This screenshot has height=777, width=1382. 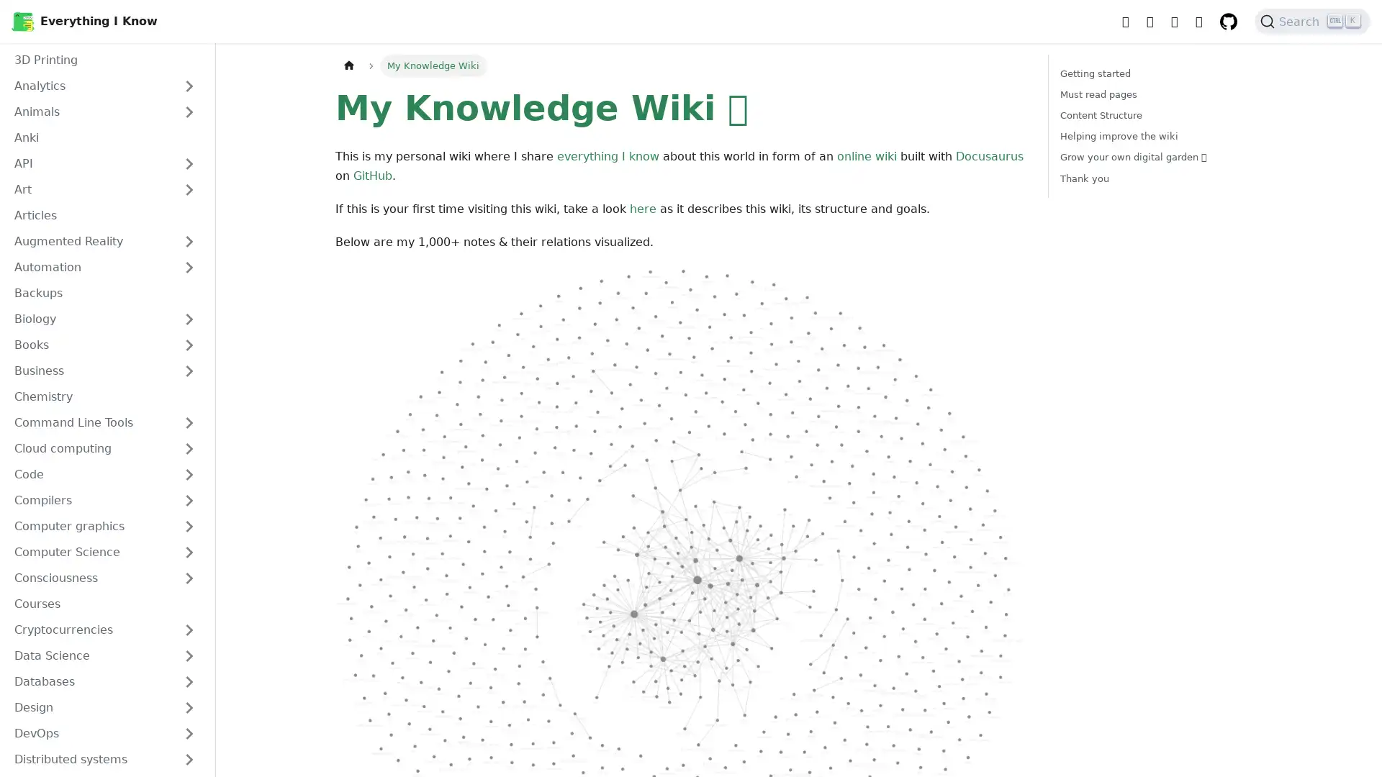 What do you see at coordinates (189, 371) in the screenshot?
I see `Toggle the collapsible sidebar category 'Business'` at bounding box center [189, 371].